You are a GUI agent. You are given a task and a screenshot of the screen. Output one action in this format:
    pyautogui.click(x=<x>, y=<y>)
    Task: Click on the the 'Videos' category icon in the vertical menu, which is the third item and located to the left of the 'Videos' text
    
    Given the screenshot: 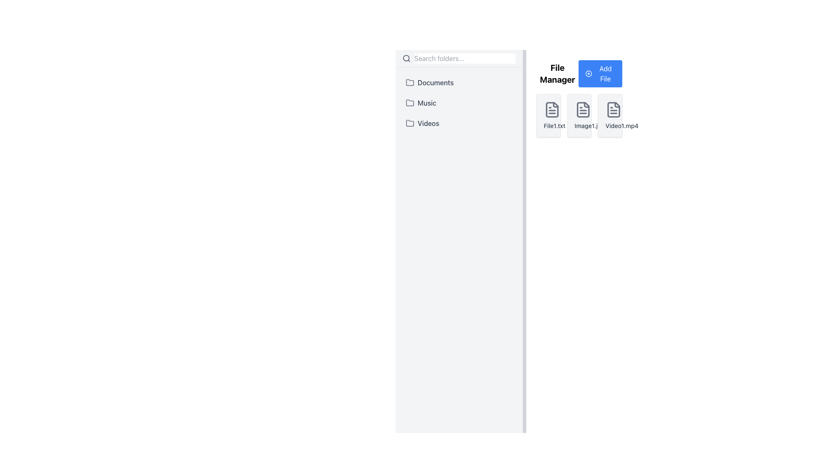 What is the action you would take?
    pyautogui.click(x=410, y=123)
    